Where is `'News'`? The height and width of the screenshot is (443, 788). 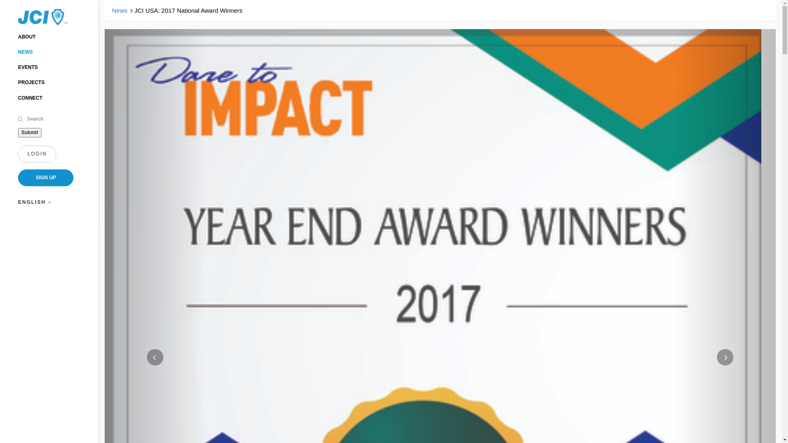
'News' is located at coordinates (119, 10).